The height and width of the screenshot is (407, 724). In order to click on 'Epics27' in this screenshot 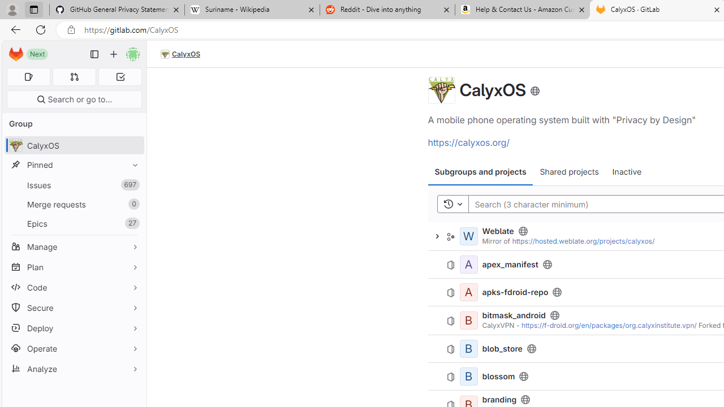, I will do `click(74, 223)`.